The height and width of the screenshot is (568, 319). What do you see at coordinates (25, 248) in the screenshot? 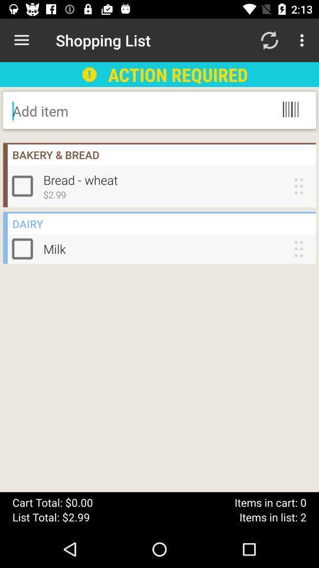
I see `milk to cart` at bounding box center [25, 248].